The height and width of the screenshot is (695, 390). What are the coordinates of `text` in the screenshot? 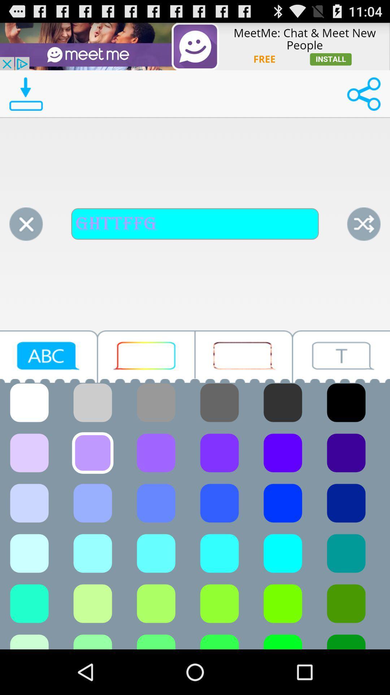 It's located at (49, 357).